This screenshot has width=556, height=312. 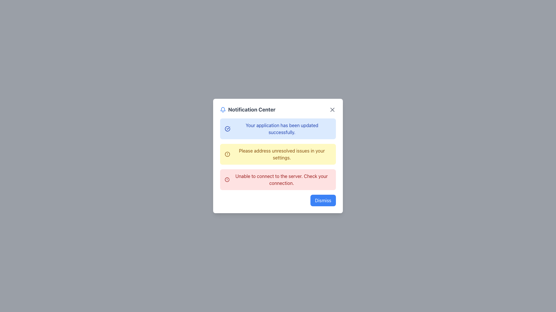 I want to click on the success message text label located in the first notification box of the Notification Center, which indicates the application has been updated successfully, so click(x=282, y=129).